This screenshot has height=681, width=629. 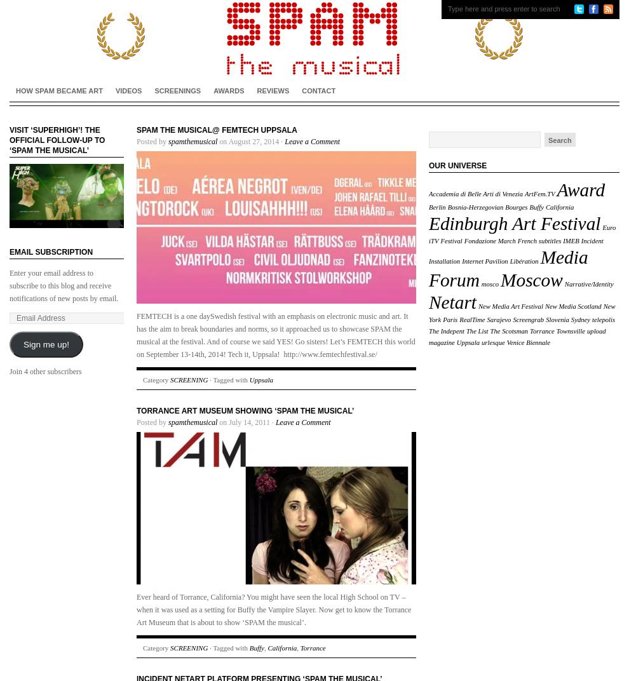 I want to click on 'AWARDS', so click(x=228, y=90).